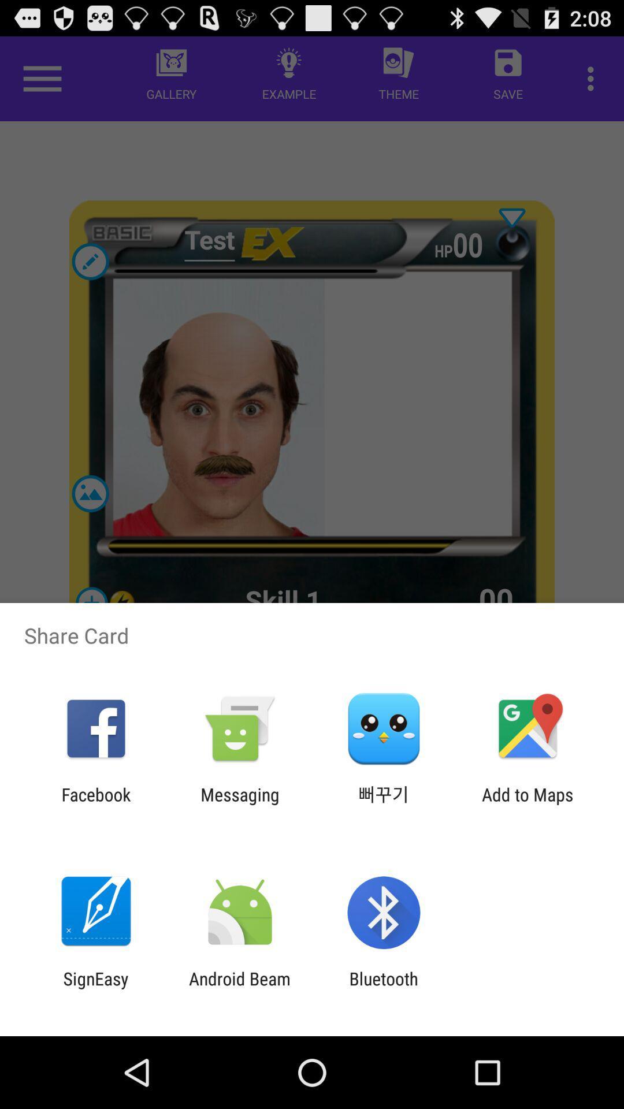 This screenshot has width=624, height=1109. Describe the element at coordinates (239, 988) in the screenshot. I see `the icon next to signeasy` at that location.